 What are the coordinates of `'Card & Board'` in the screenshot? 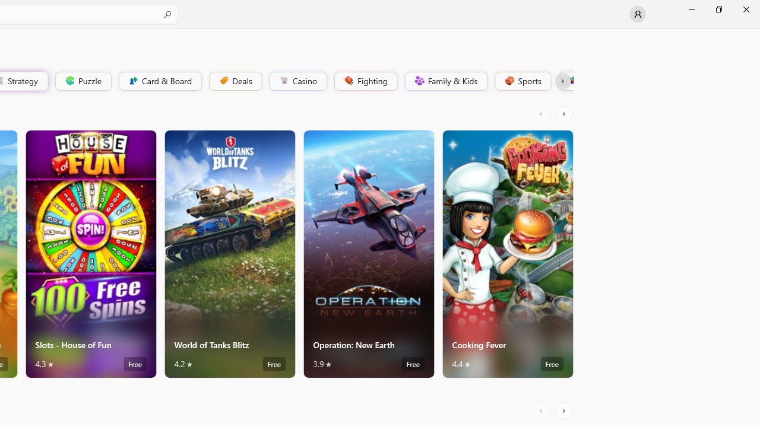 It's located at (159, 80).